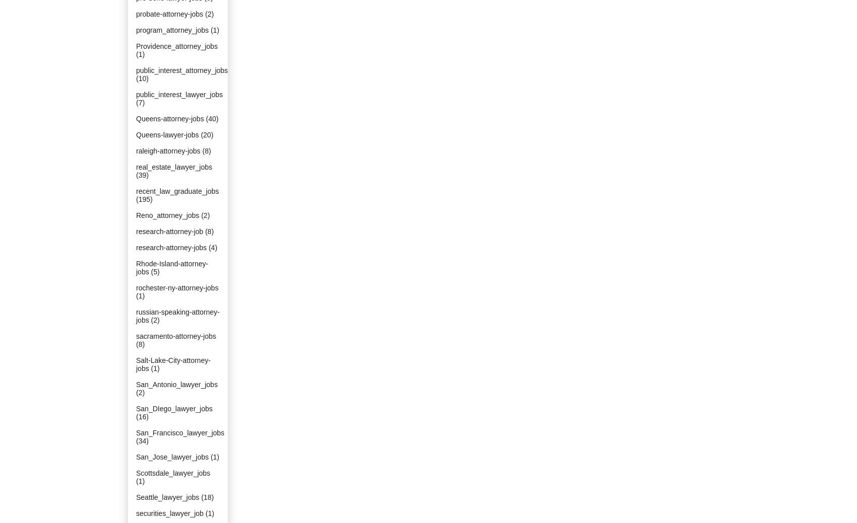  I want to click on '(40)', so click(211, 118).